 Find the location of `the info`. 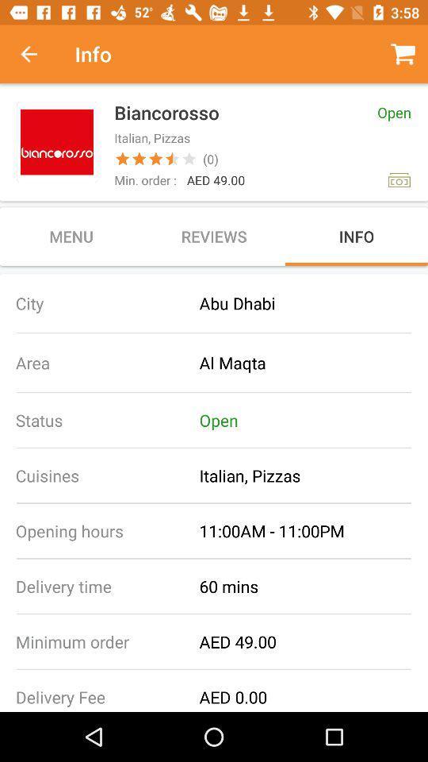

the info is located at coordinates (356, 235).